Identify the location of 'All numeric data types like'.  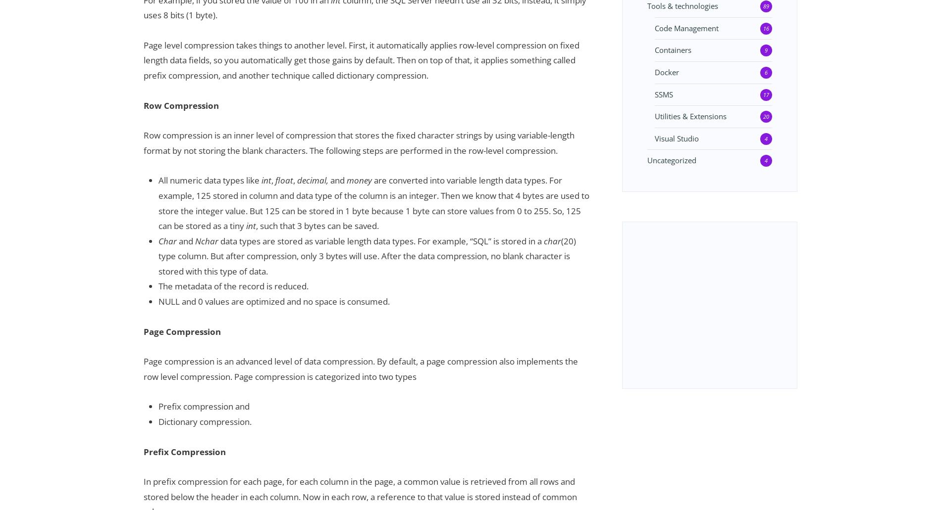
(209, 180).